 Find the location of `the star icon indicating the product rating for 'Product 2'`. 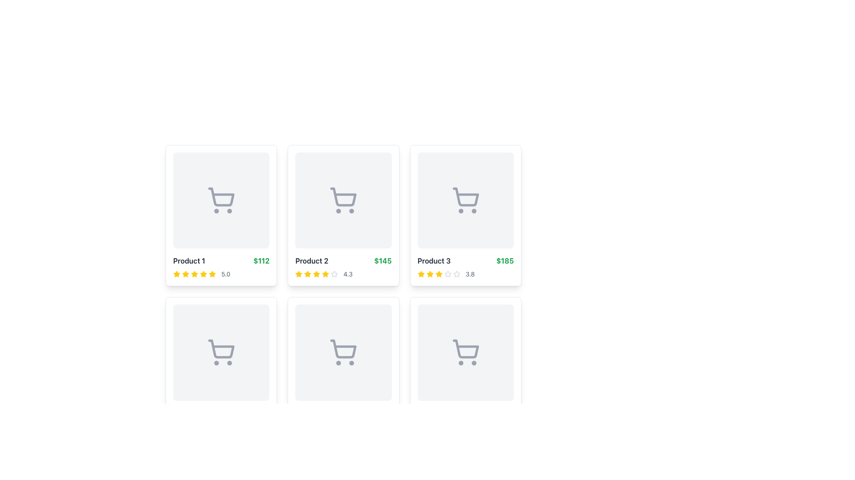

the star icon indicating the product rating for 'Product 2' is located at coordinates (317, 274).